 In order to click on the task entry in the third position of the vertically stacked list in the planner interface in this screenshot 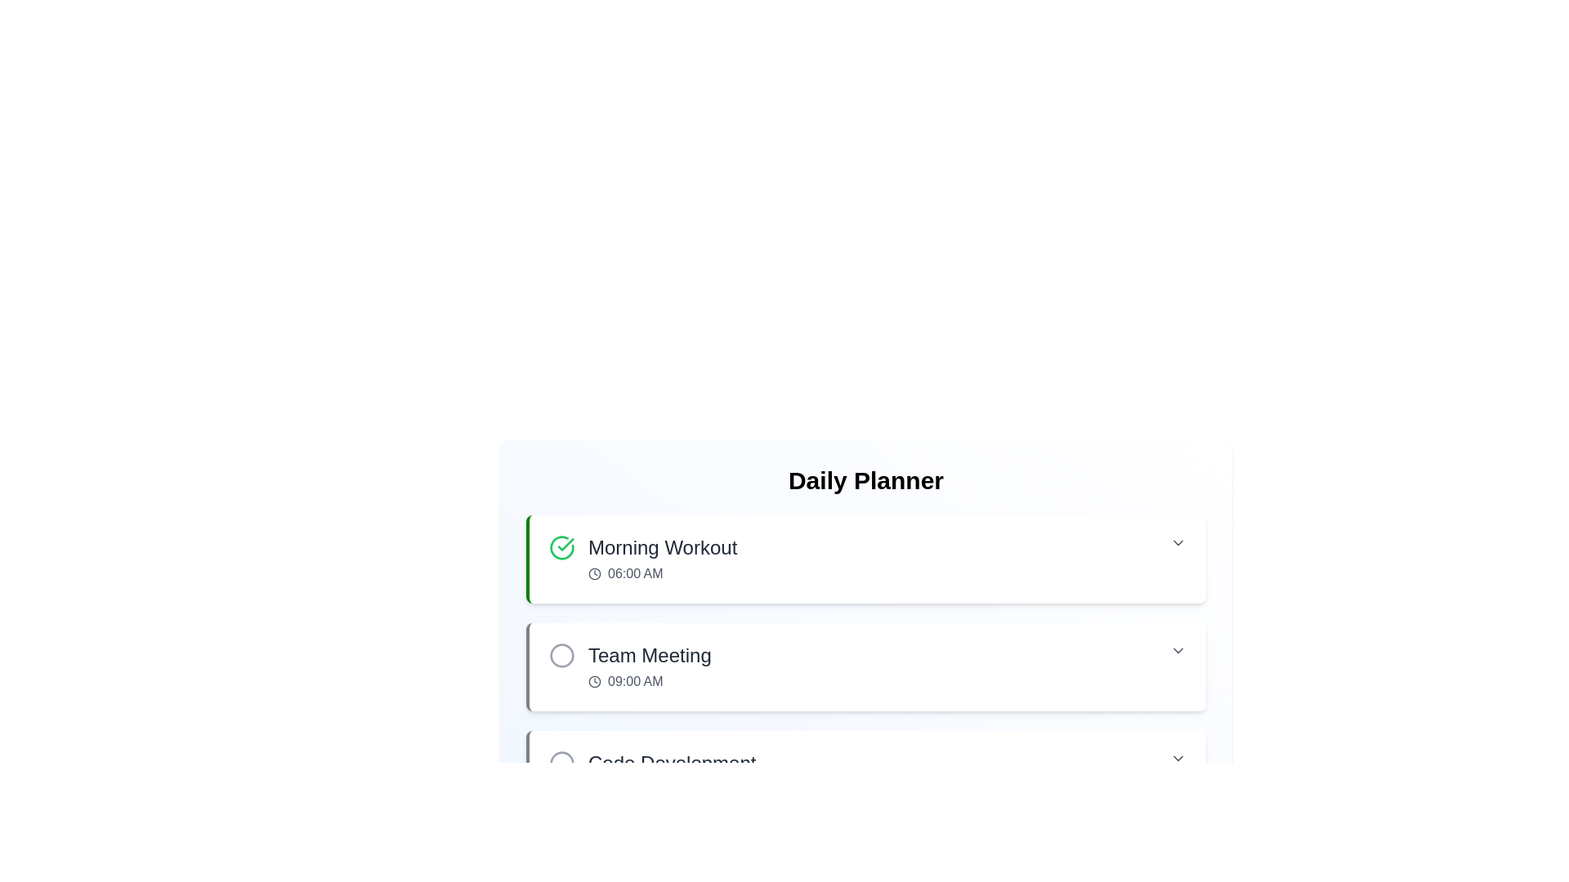, I will do `click(886, 773)`.